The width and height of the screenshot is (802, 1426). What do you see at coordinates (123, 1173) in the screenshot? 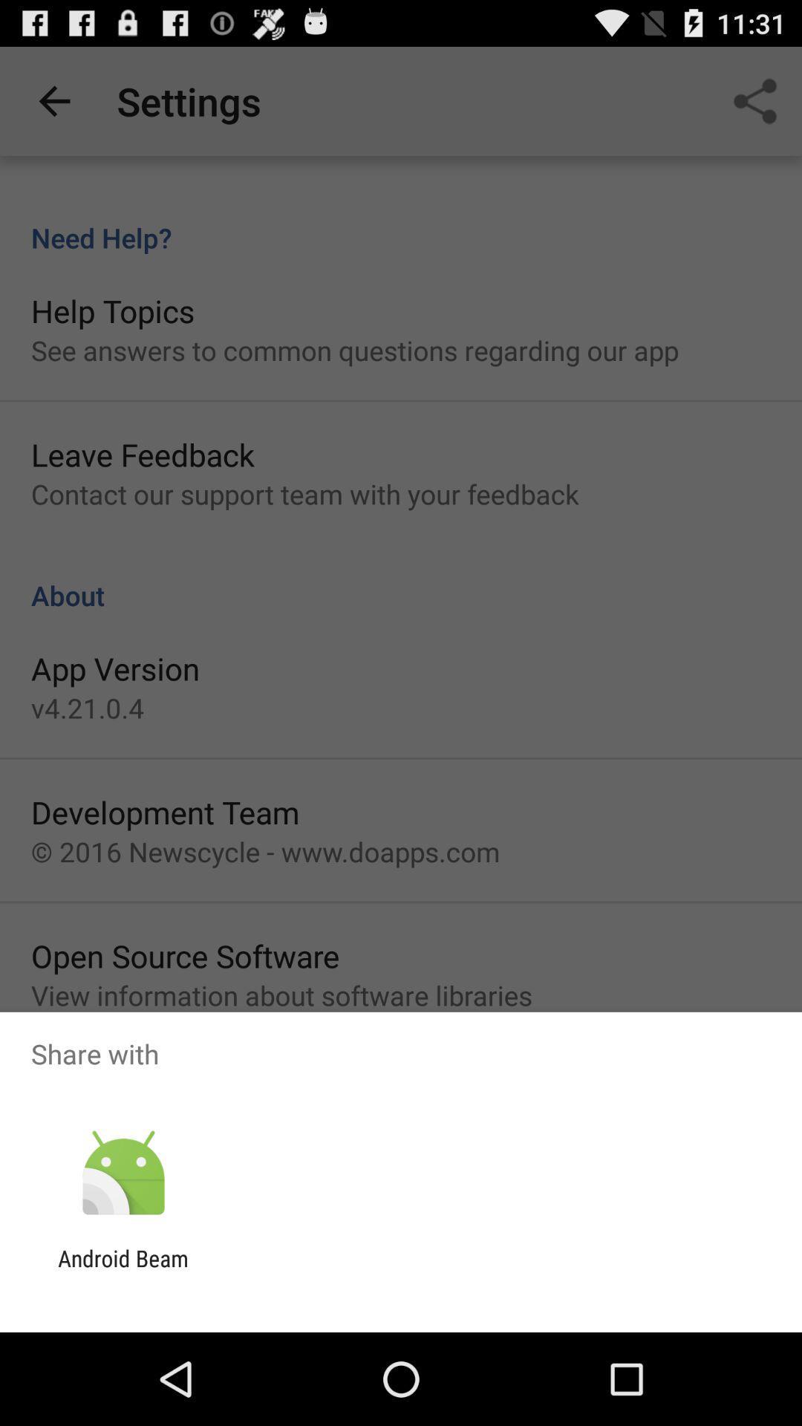
I see `the app below the share with icon` at bounding box center [123, 1173].